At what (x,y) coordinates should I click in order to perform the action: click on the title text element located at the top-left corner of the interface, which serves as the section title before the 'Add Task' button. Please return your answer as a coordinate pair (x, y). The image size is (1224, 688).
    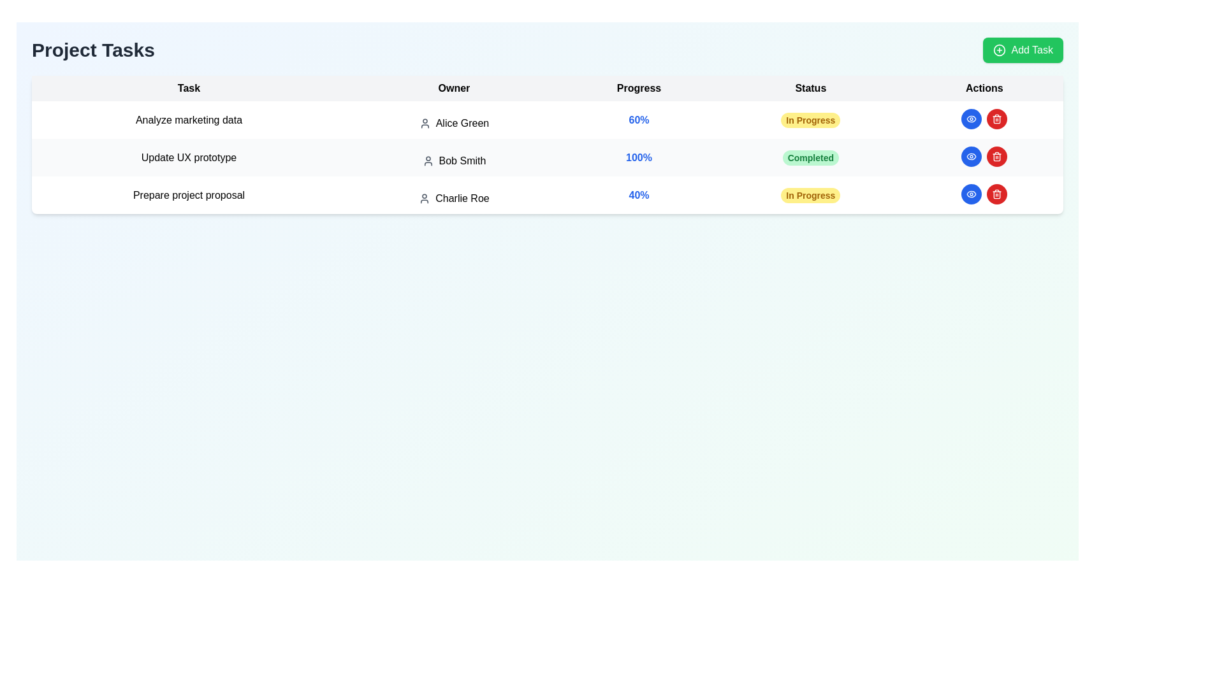
    Looking at the image, I should click on (92, 49).